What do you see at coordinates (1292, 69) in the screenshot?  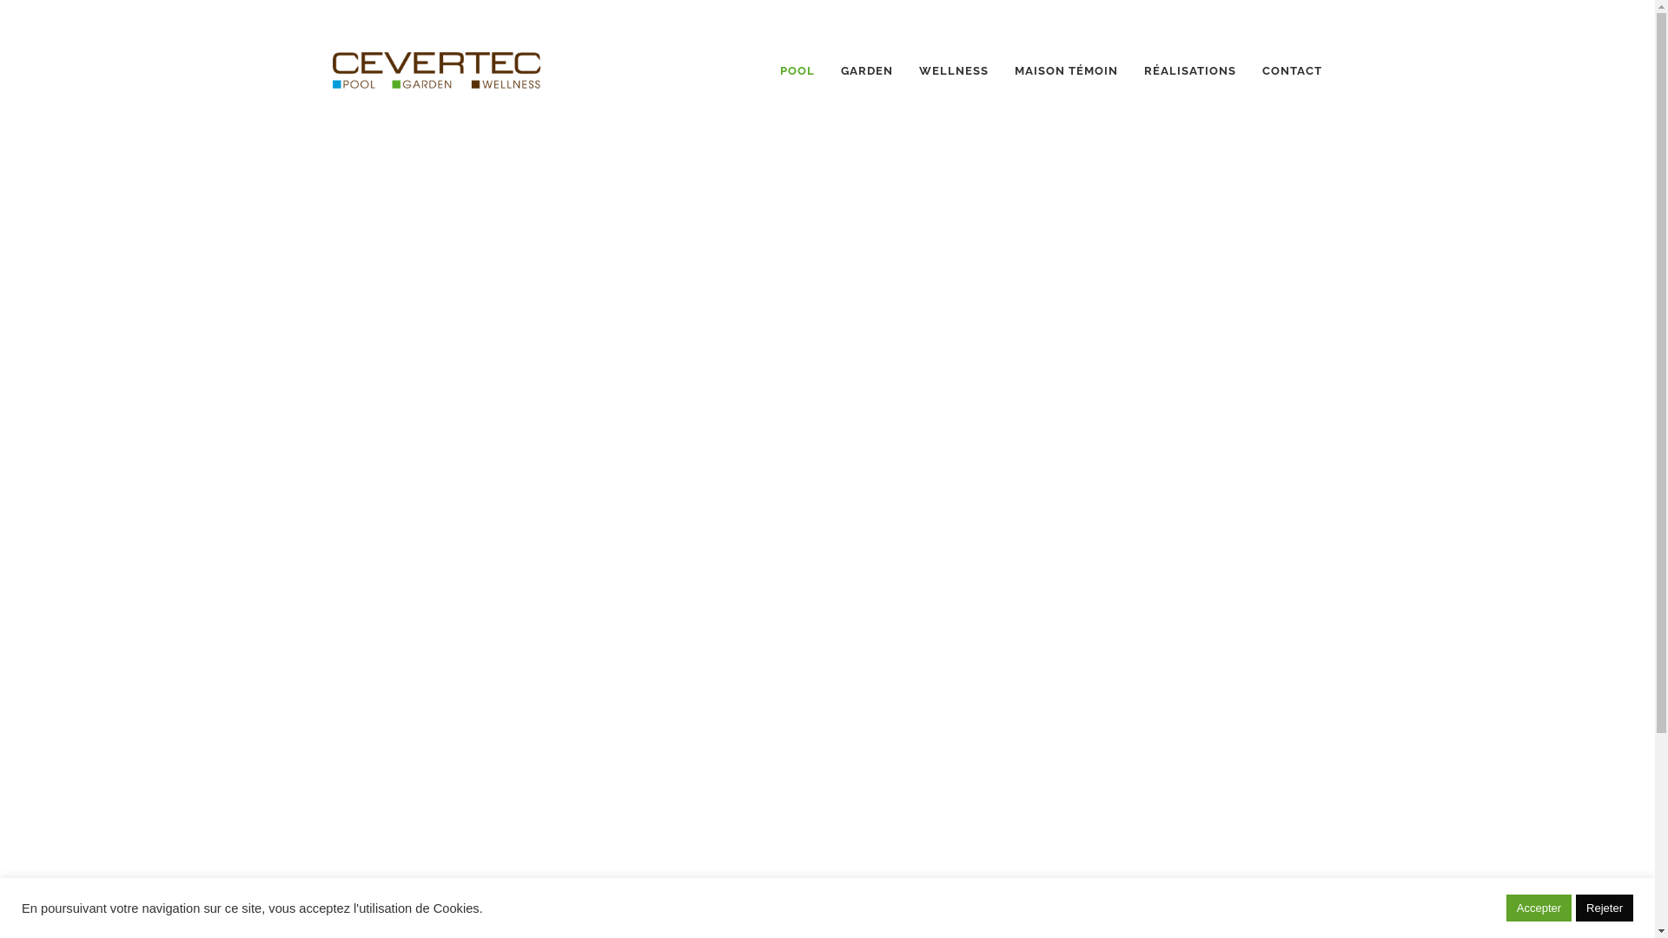 I see `'CONTACT'` at bounding box center [1292, 69].